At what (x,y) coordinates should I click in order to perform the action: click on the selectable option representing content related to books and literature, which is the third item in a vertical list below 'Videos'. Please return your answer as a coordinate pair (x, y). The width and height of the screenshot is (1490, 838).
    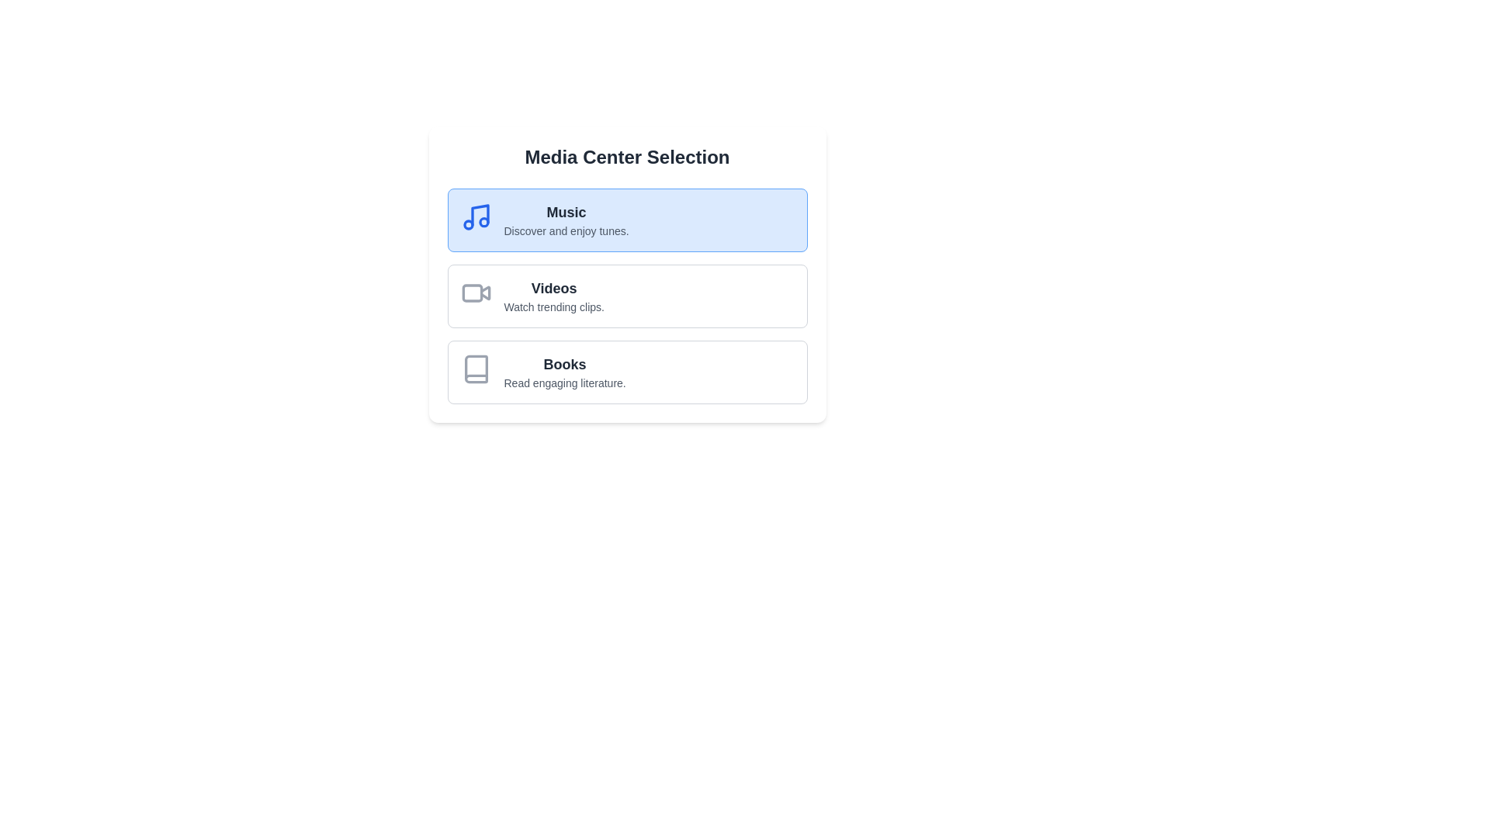
    Looking at the image, I should click on (564, 372).